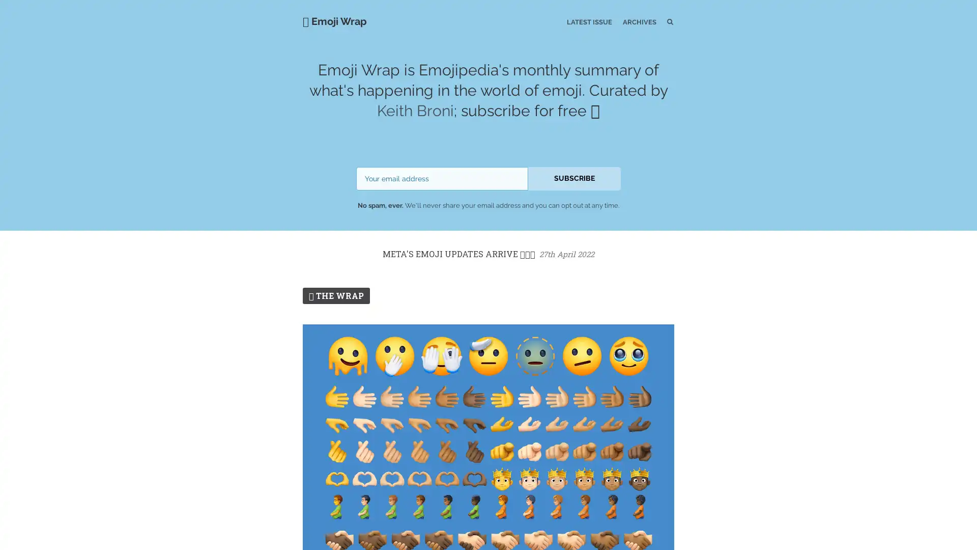  I want to click on TOGGLE MENU, so click(304, 2).